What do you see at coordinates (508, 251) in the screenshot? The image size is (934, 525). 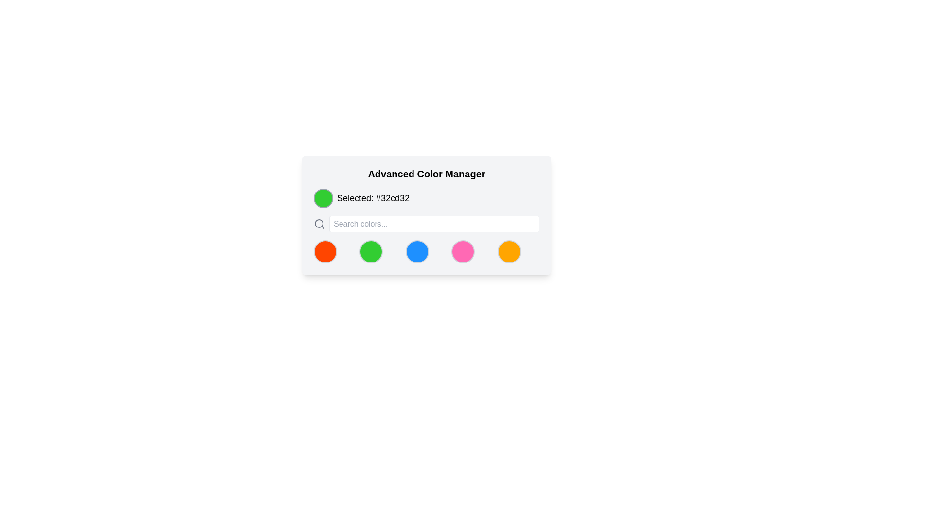 I see `the circular color picker option with a bright orange background located in the bottom-right corner of the 'Advanced Color Manager' modal to highlight it` at bounding box center [508, 251].